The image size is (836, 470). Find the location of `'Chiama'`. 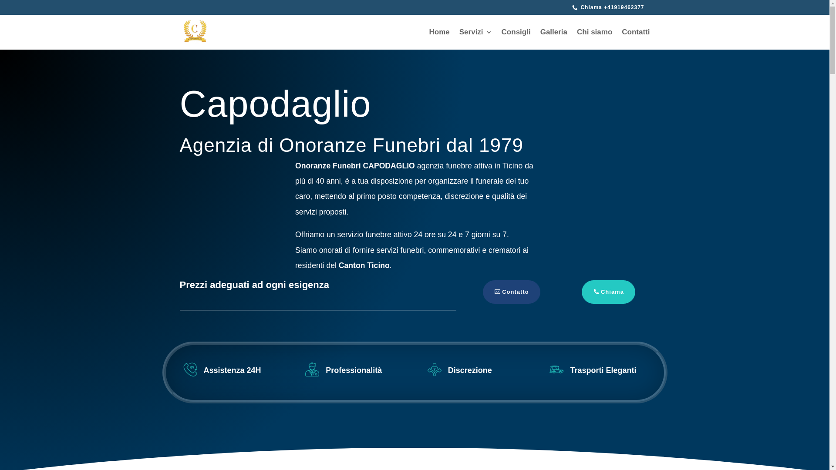

'Chiama' is located at coordinates (608, 292).